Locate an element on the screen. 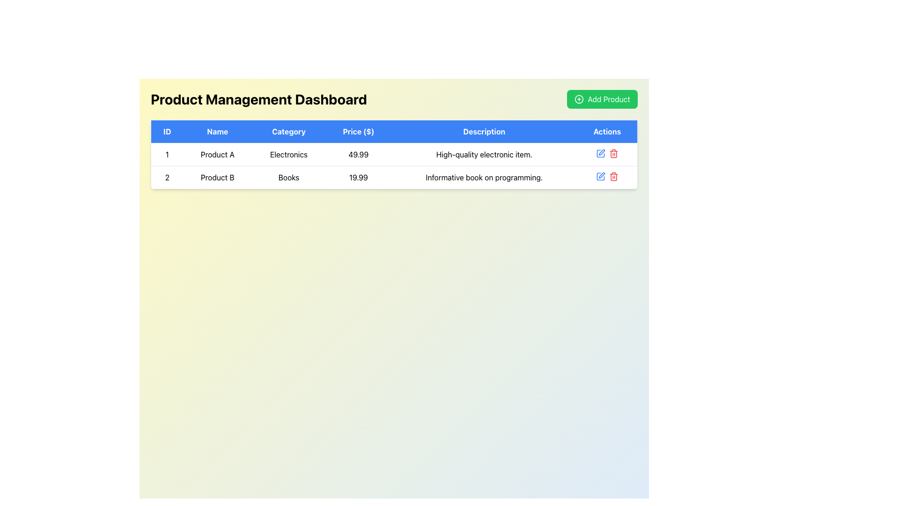 This screenshot has height=506, width=899. the square frame icon with rounded edges in the 'Actions' column of the second row ('Product B') in the product management table is located at coordinates (600, 153).